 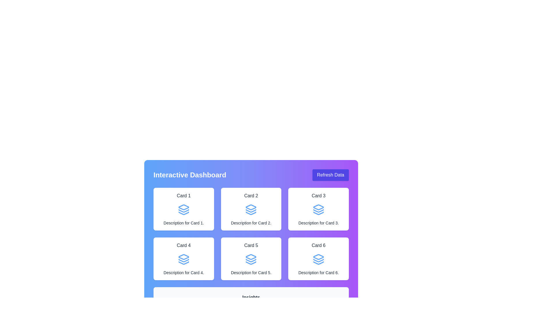 What do you see at coordinates (318, 213) in the screenshot?
I see `the blue outlined triangular stack icon located in 'Card 3' of the dashboard, which is the third icon in the first row of cards` at bounding box center [318, 213].